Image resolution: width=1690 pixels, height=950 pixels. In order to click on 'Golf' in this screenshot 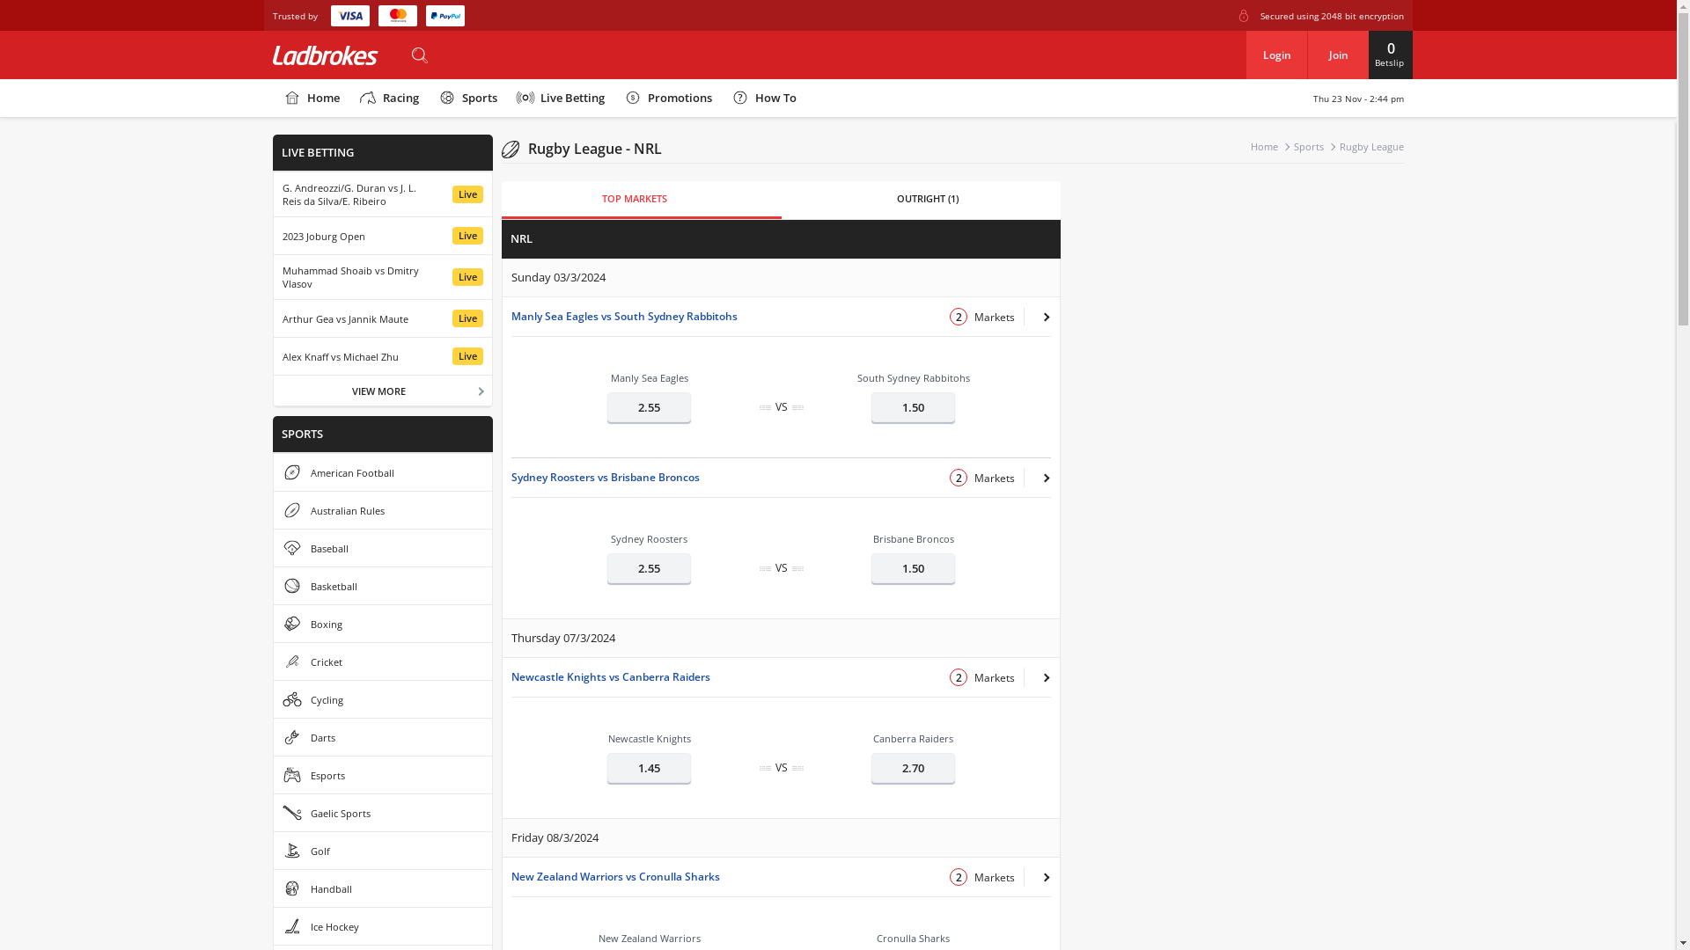, I will do `click(382, 850)`.